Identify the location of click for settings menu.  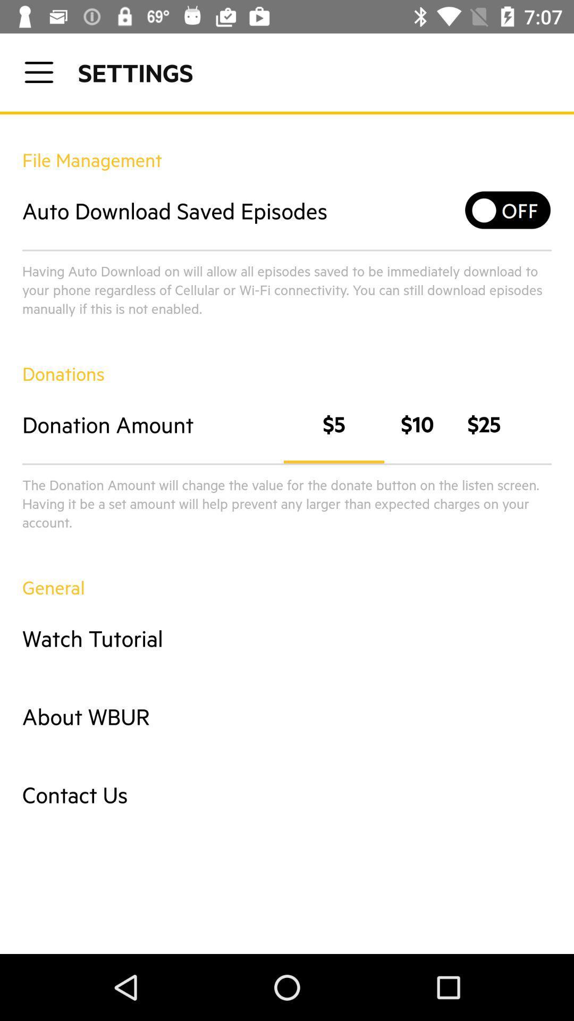
(38, 72).